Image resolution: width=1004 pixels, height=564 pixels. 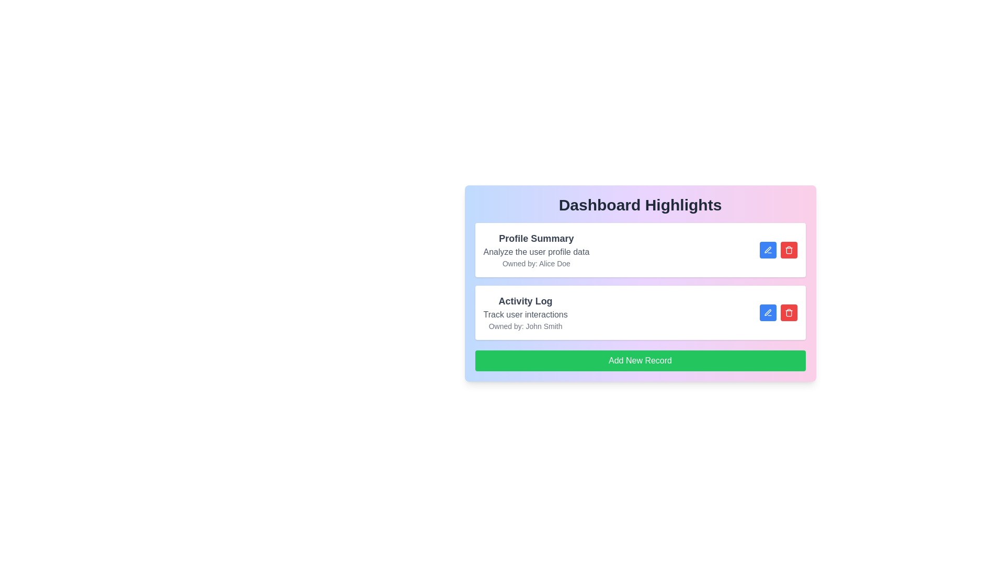 I want to click on the blue edit button with a pen icon located on the right side of the 'Activity Log' section under the 'Dashboard Highlights' heading, so click(x=768, y=312).